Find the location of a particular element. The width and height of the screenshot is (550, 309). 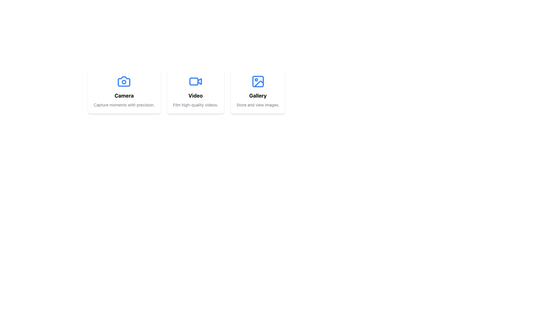

the 'Gallery' icon is located at coordinates (258, 82).